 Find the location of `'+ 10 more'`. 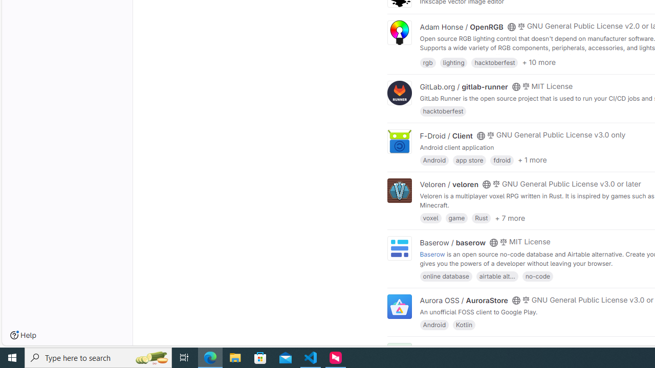

'+ 10 more' is located at coordinates (538, 62).